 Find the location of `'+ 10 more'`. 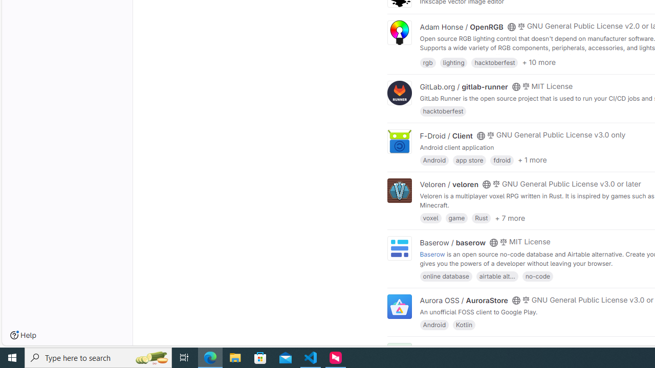

'+ 10 more' is located at coordinates (538, 62).